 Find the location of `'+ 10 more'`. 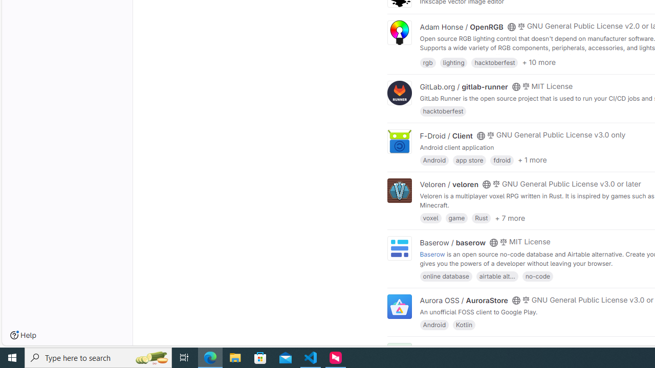

'+ 10 more' is located at coordinates (538, 62).